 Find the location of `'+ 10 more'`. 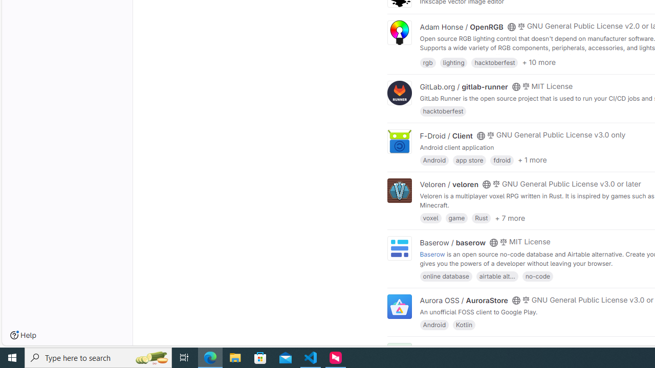

'+ 10 more' is located at coordinates (538, 62).